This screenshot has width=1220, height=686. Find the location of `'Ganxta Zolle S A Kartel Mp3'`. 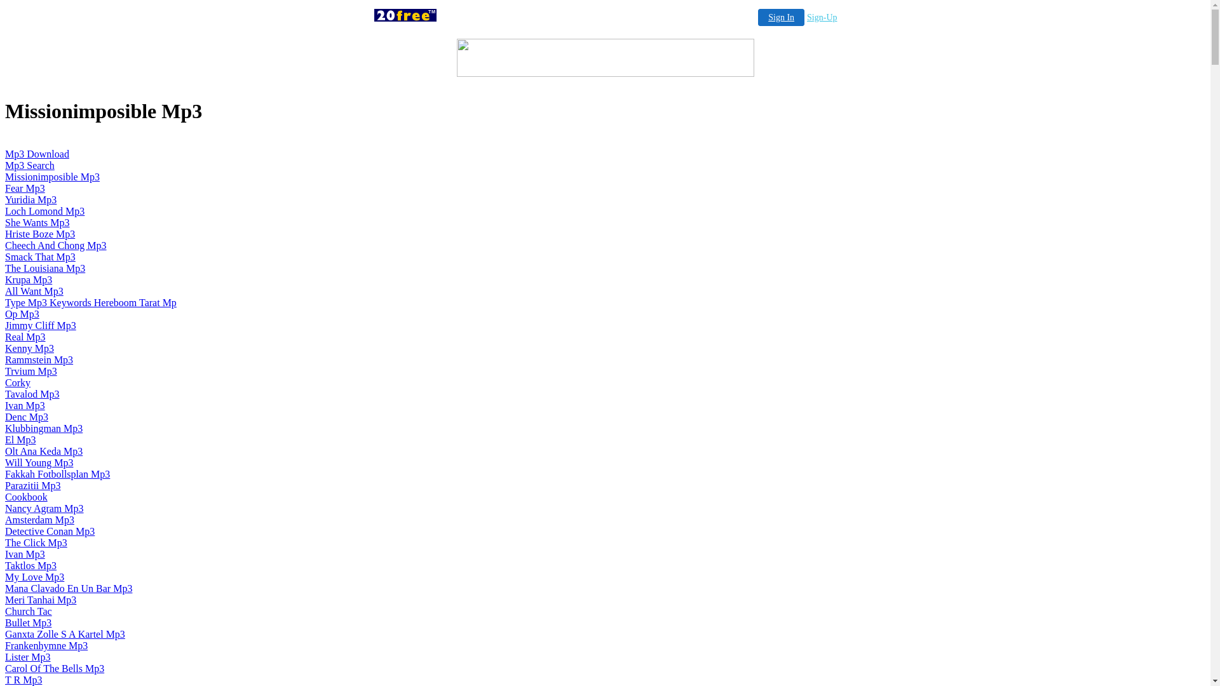

'Ganxta Zolle S A Kartel Mp3' is located at coordinates (64, 634).